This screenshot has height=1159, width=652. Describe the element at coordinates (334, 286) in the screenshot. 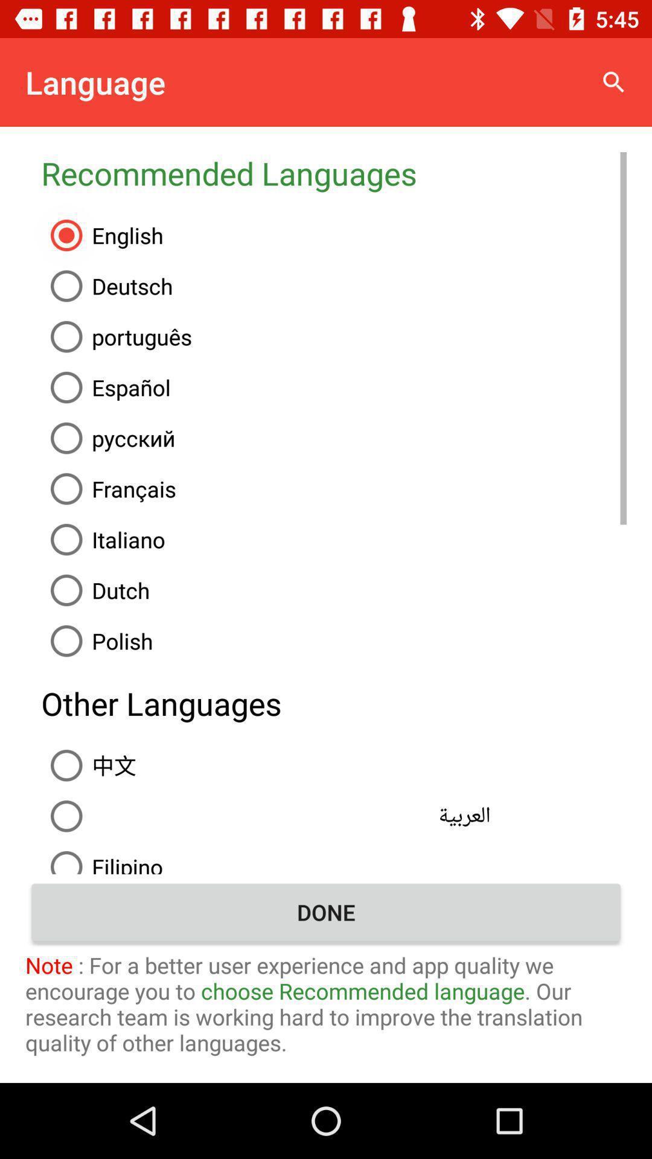

I see `the deutsch` at that location.